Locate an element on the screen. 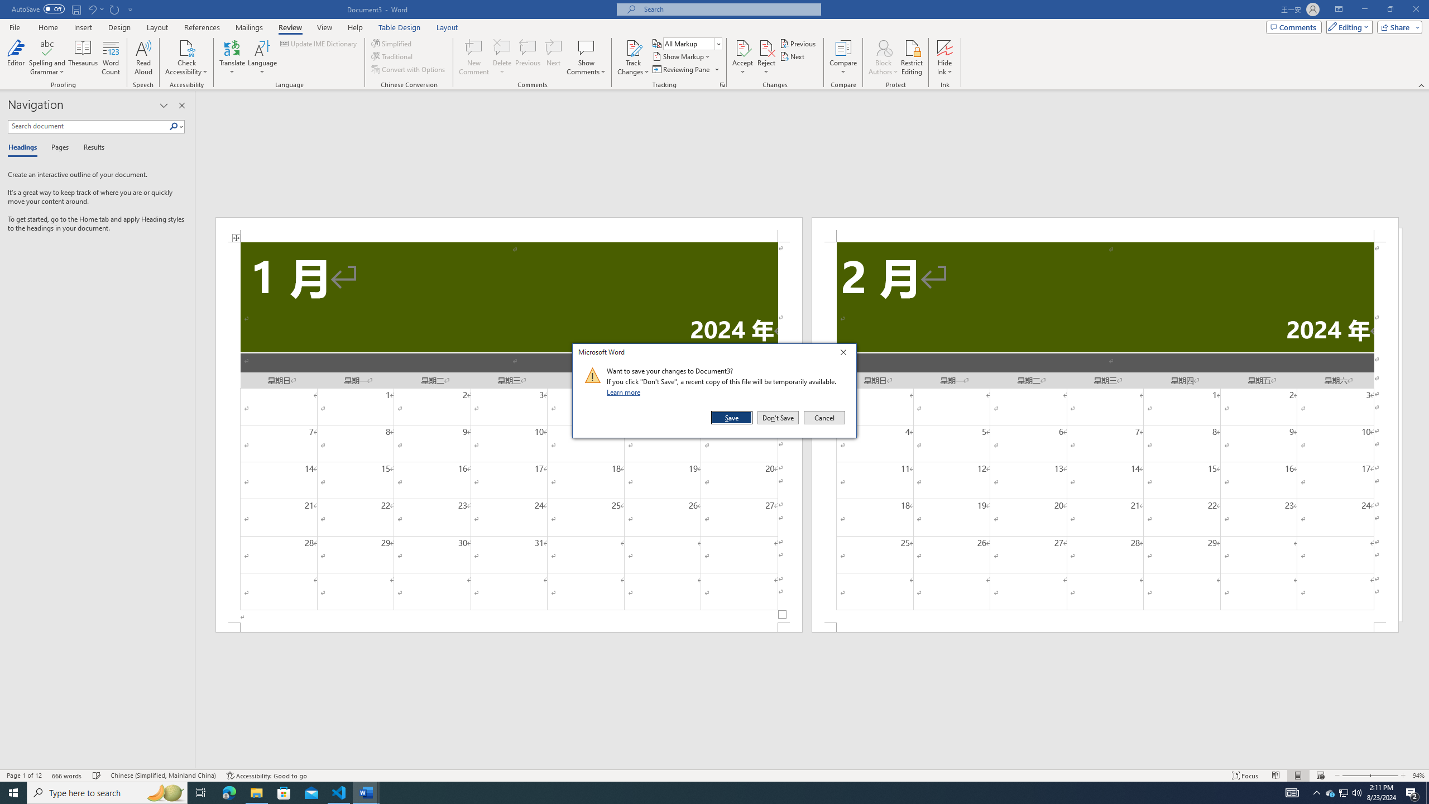 This screenshot has height=804, width=1429. 'Convert with Options...' is located at coordinates (409, 68).